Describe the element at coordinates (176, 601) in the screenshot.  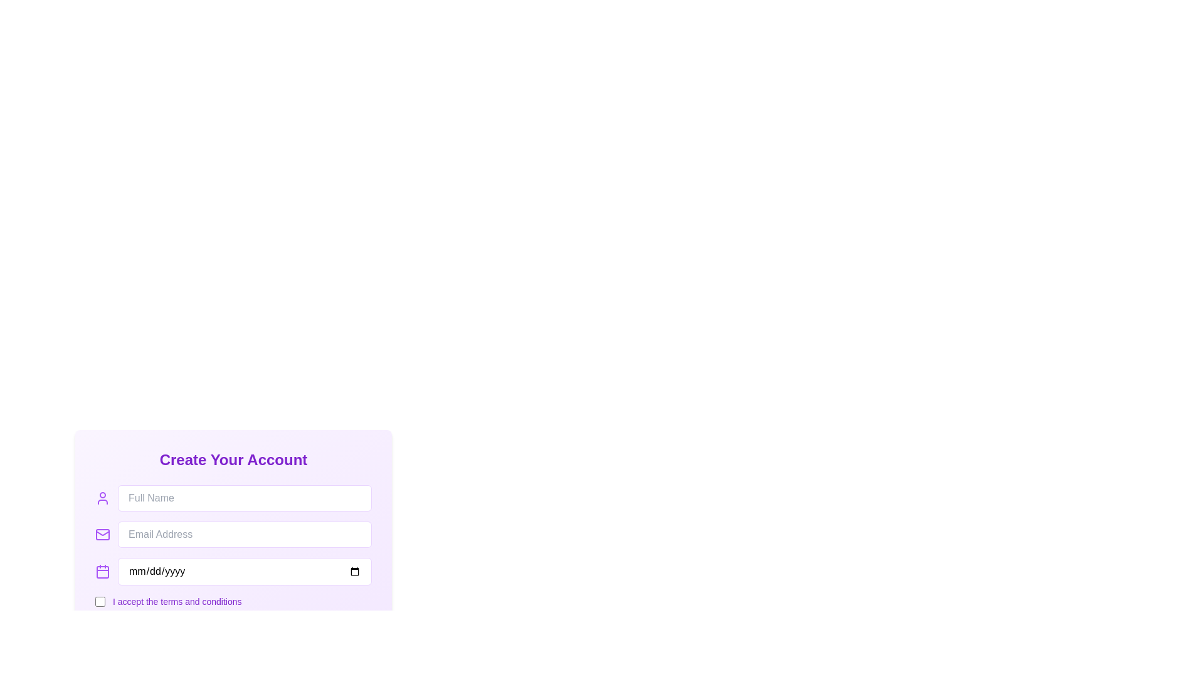
I see `the label that reads 'I accept the terms and conditions', which is styled with a purple font and positioned to the right of a small checkbox in the registration form interface` at that location.